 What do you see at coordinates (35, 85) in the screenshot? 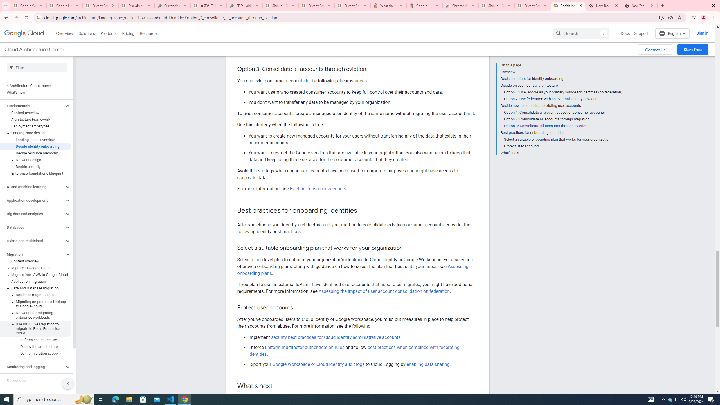
I see `'< Architecture Center home'` at bounding box center [35, 85].